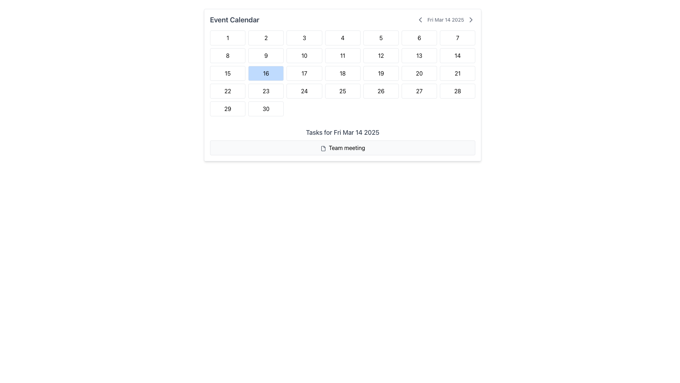 Image resolution: width=680 pixels, height=383 pixels. What do you see at coordinates (471, 20) in the screenshot?
I see `the navigation icon located at the top-right of the interface, next to the date label 'Fri Mar 14 2025'` at bounding box center [471, 20].